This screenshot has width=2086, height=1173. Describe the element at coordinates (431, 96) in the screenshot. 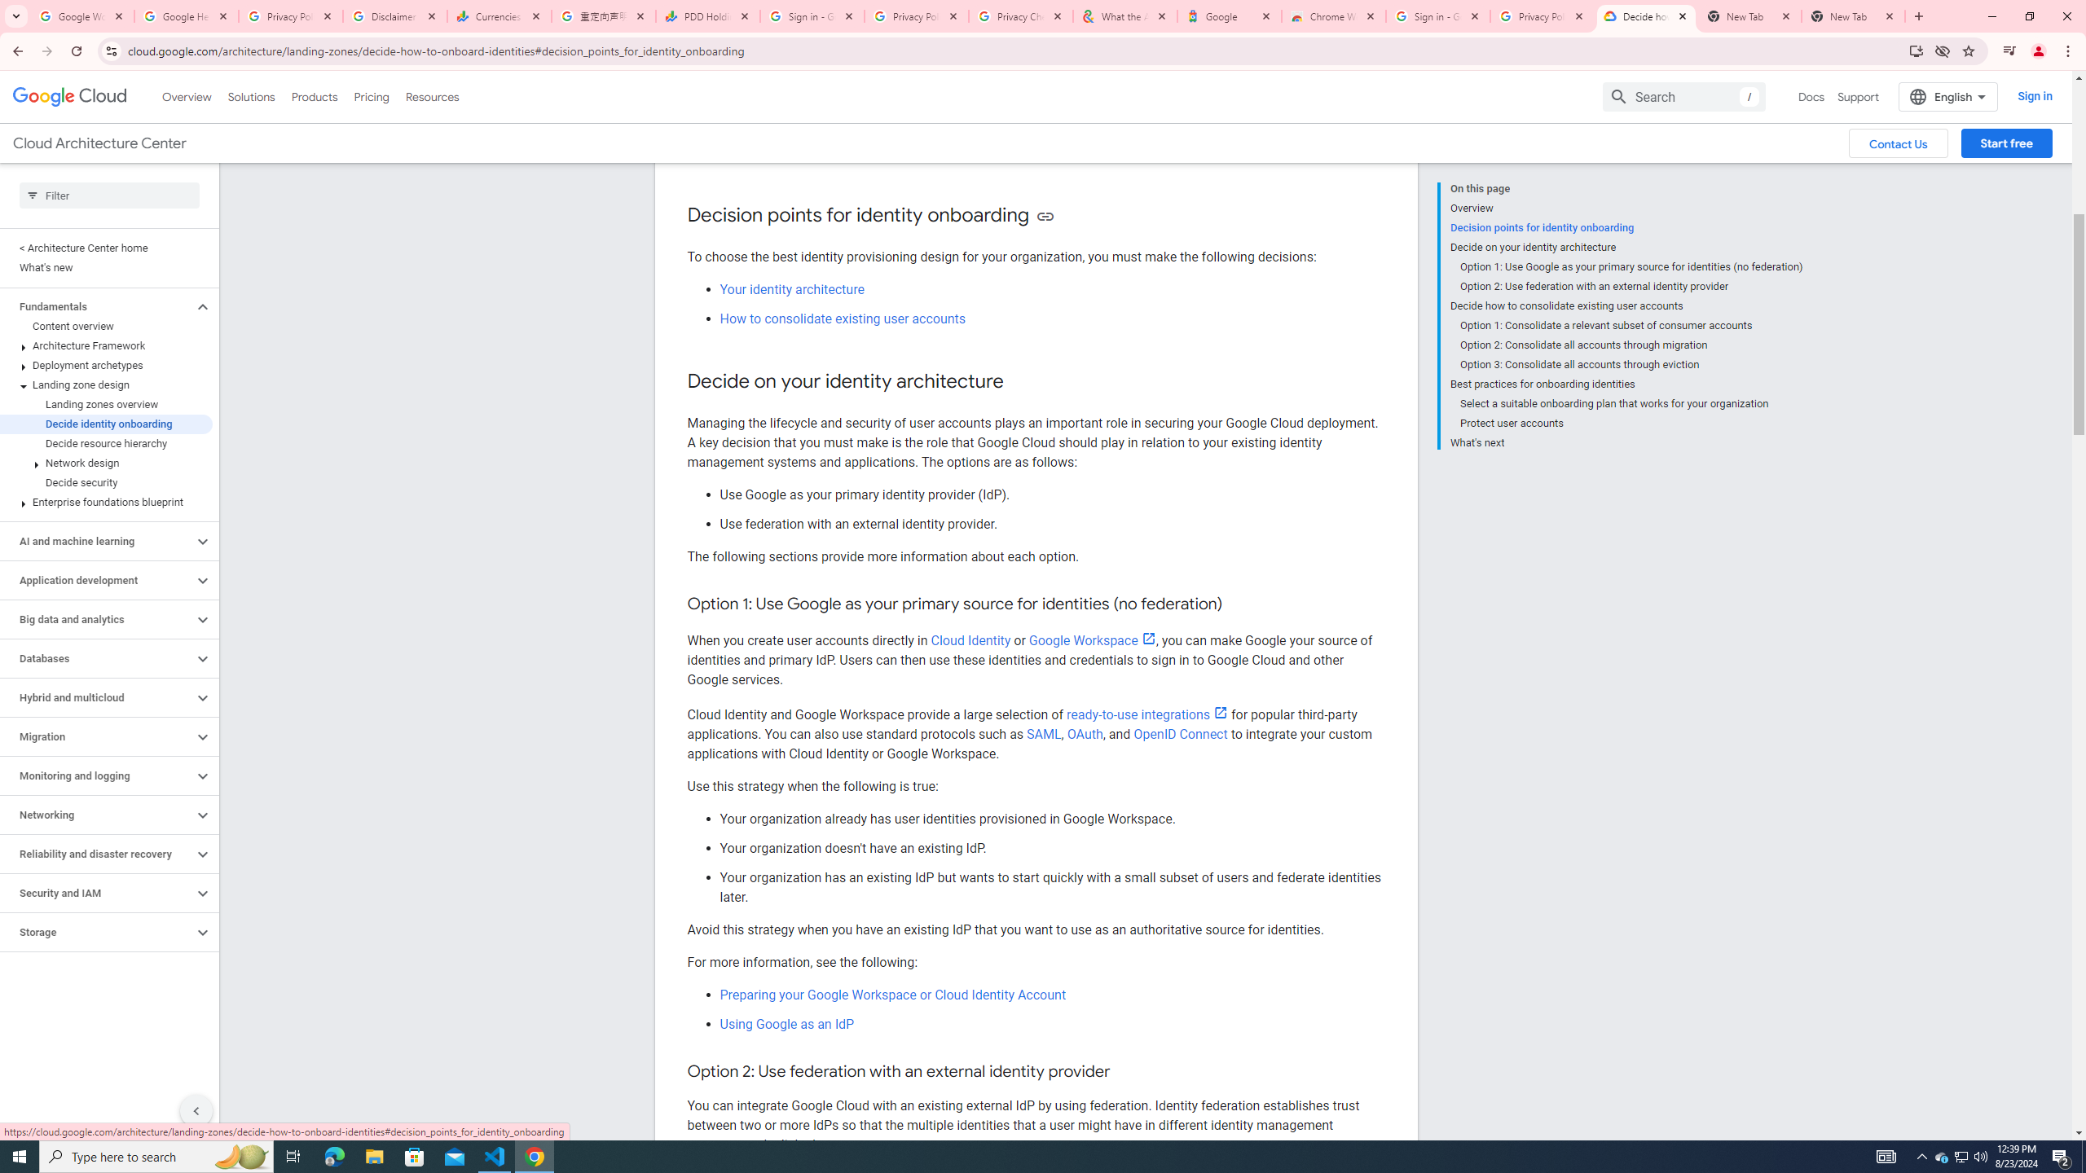

I see `'Resources'` at that location.